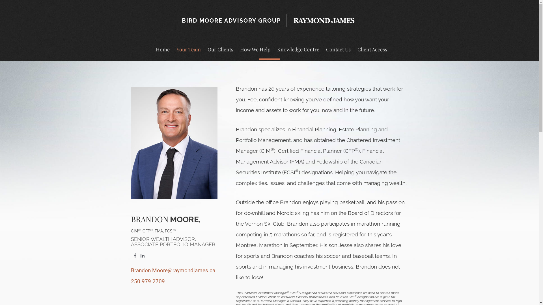  Describe the element at coordinates (372, 53) in the screenshot. I see `'Client Access'` at that location.